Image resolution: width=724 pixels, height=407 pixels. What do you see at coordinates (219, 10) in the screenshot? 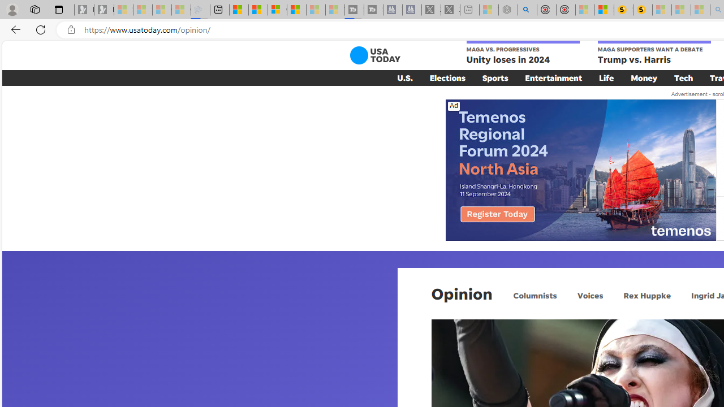
I see `'New tab'` at bounding box center [219, 10].